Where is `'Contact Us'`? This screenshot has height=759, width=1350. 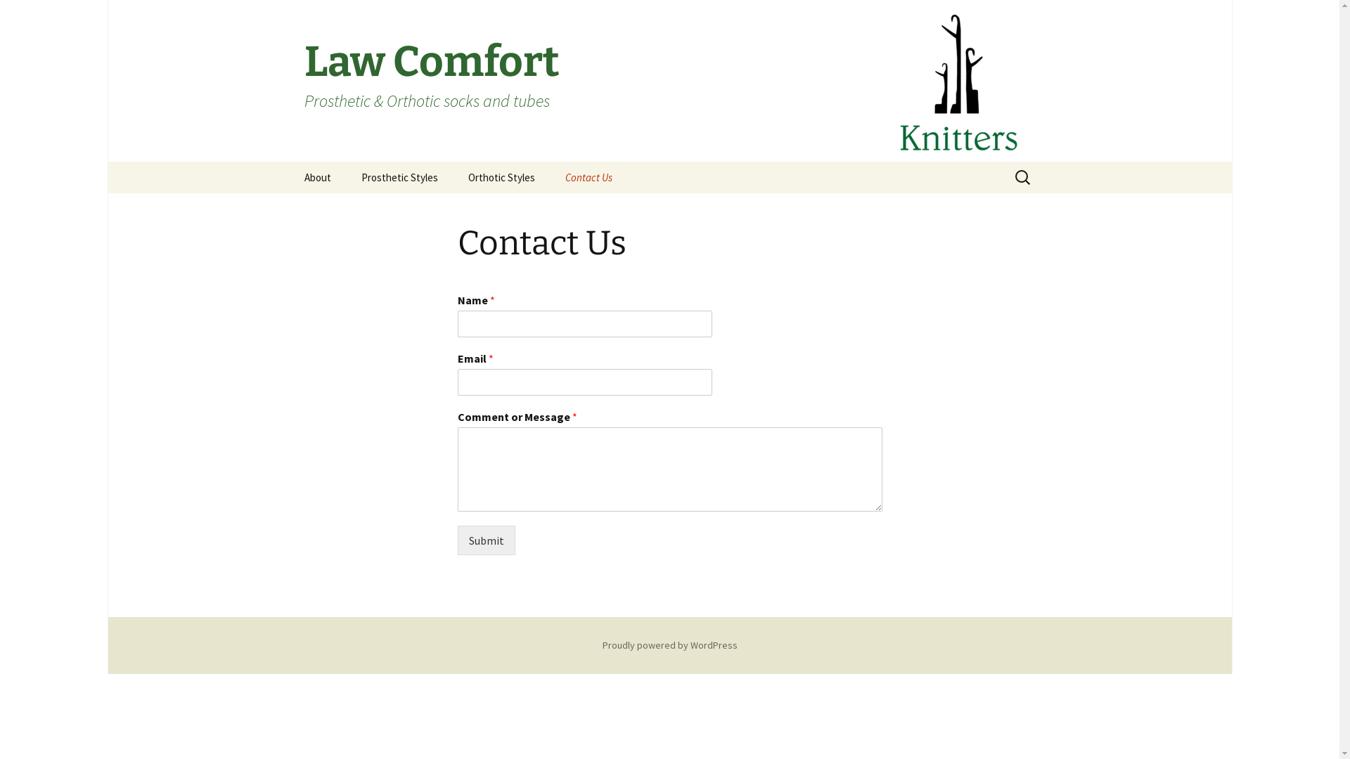
'Contact Us' is located at coordinates (589, 176).